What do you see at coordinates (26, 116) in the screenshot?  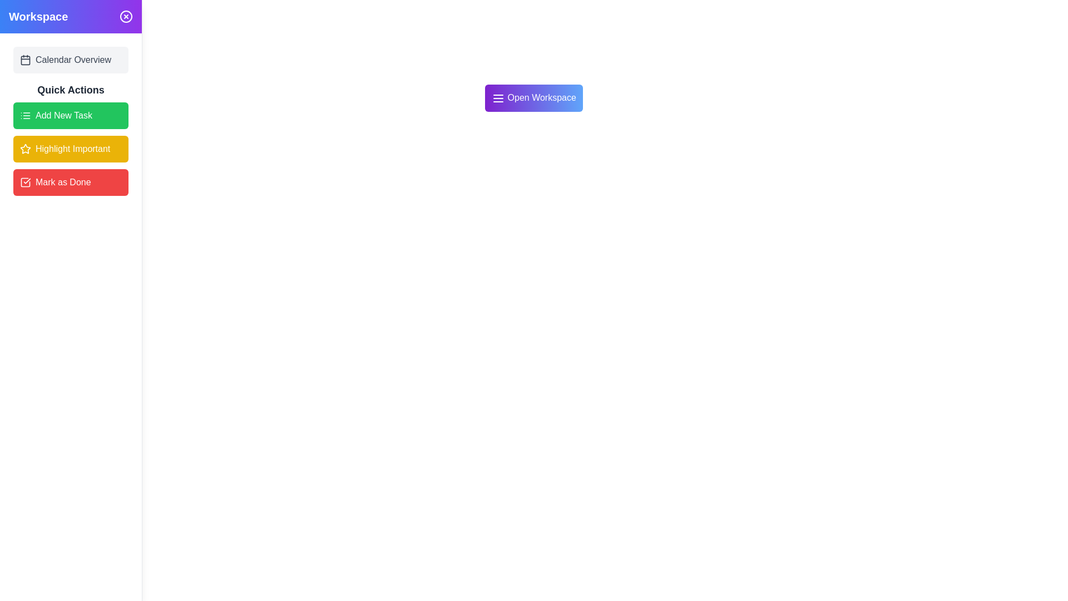 I see `the icon representing the 'Add New Task' action located within the button labeled 'Add New Task' on the left panel` at bounding box center [26, 116].